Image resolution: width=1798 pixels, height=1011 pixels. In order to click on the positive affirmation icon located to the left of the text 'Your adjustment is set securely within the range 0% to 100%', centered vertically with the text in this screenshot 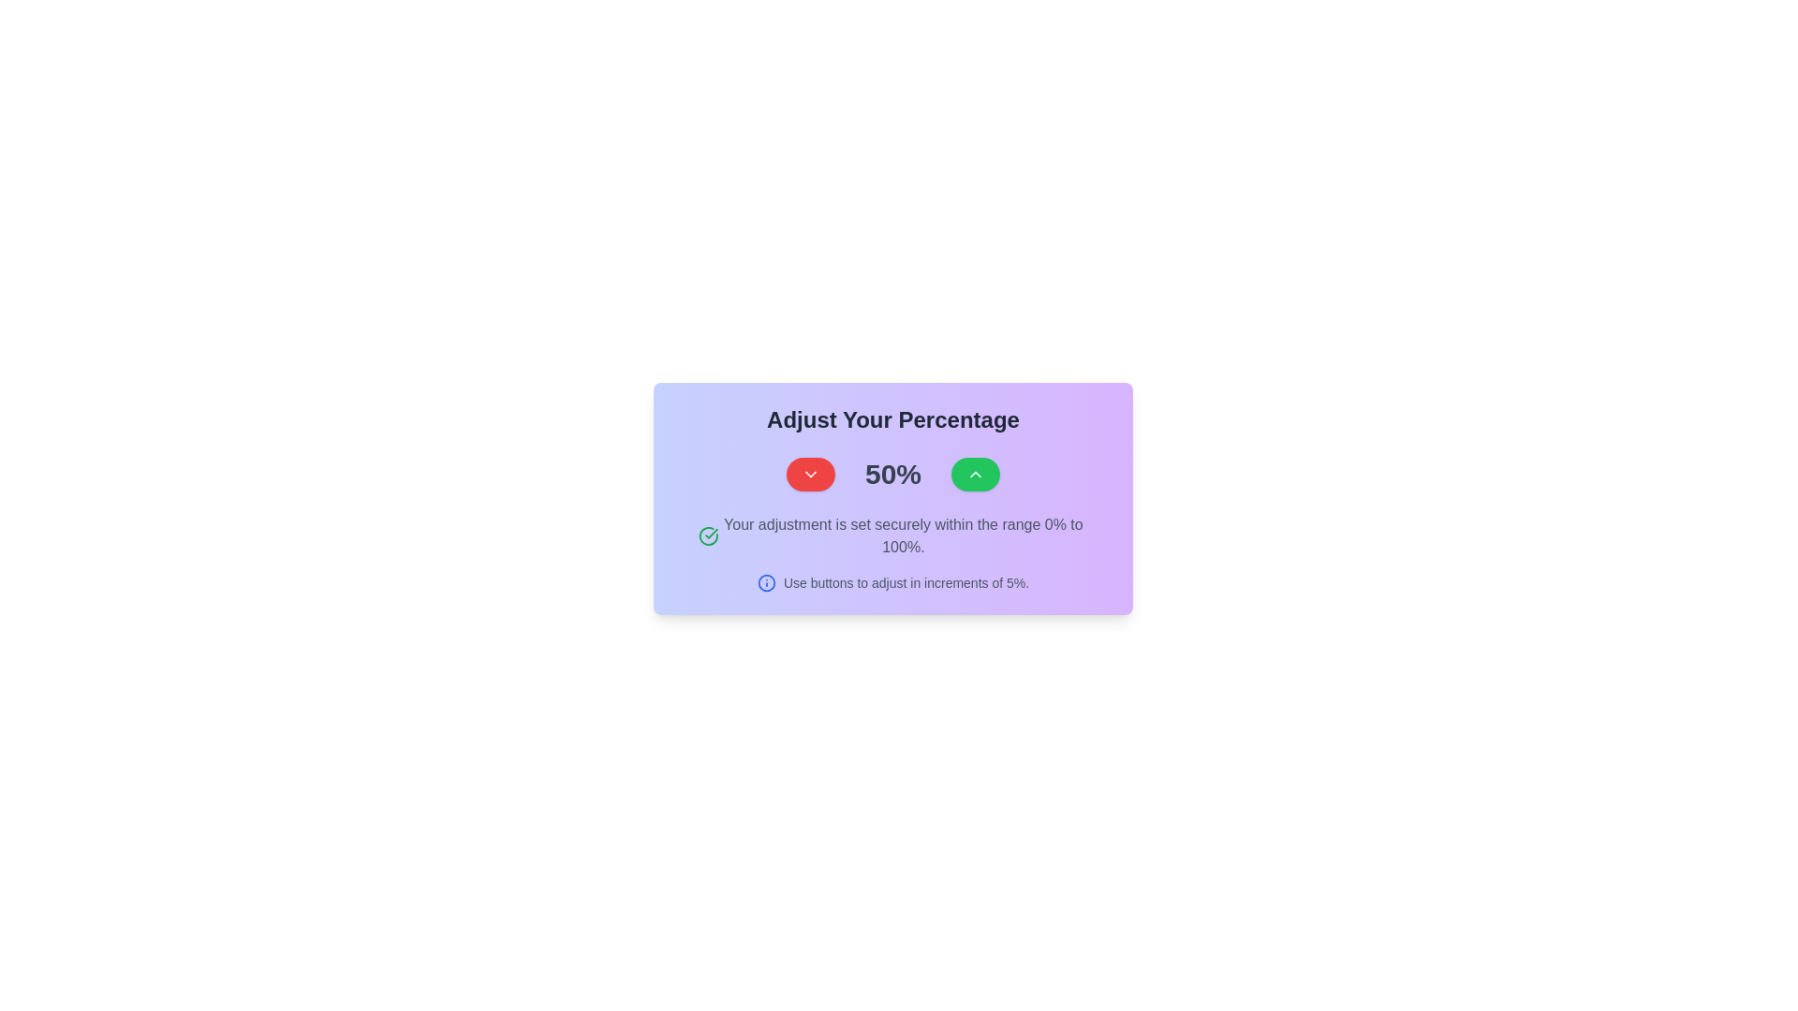, I will do `click(707, 536)`.